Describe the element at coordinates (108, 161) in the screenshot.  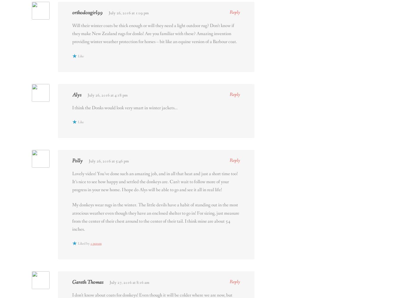
I see `'July 26, 2016 at 5:46 pm'` at that location.